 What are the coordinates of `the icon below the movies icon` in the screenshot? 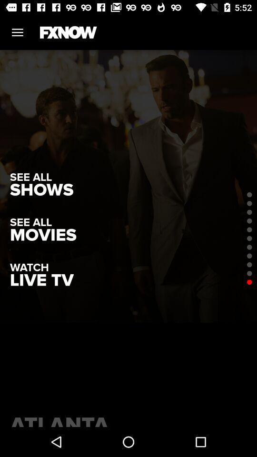 It's located at (41, 280).